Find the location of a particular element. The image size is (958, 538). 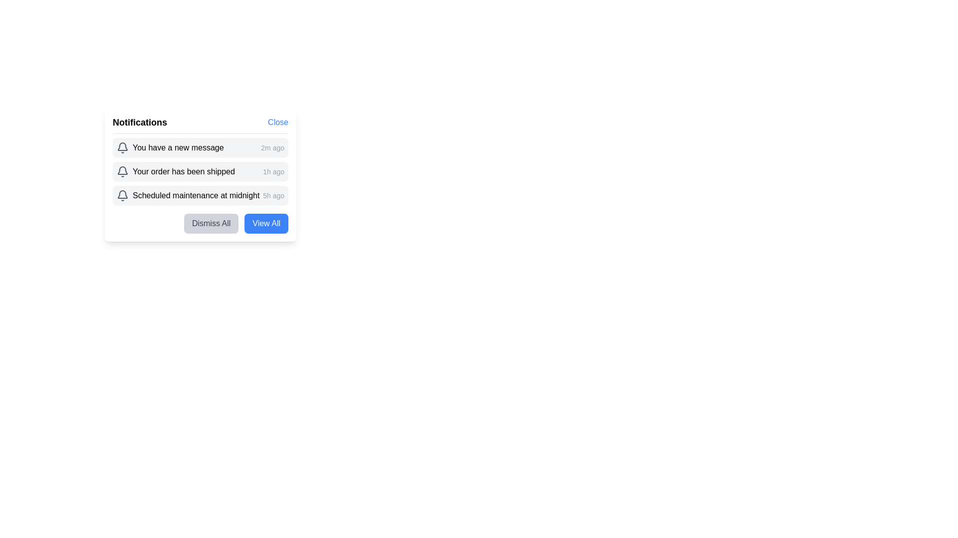

the notification text displaying 'Your order has been shipped', which is the second notification in the list, located below 'You have a new message' is located at coordinates (176, 171).